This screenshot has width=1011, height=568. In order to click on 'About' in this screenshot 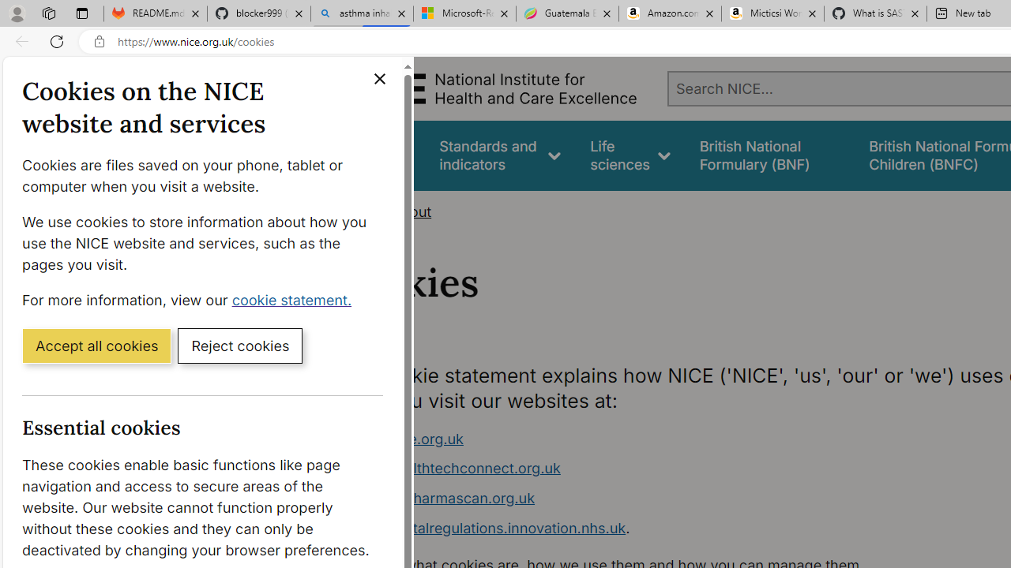, I will do `click(411, 211)`.